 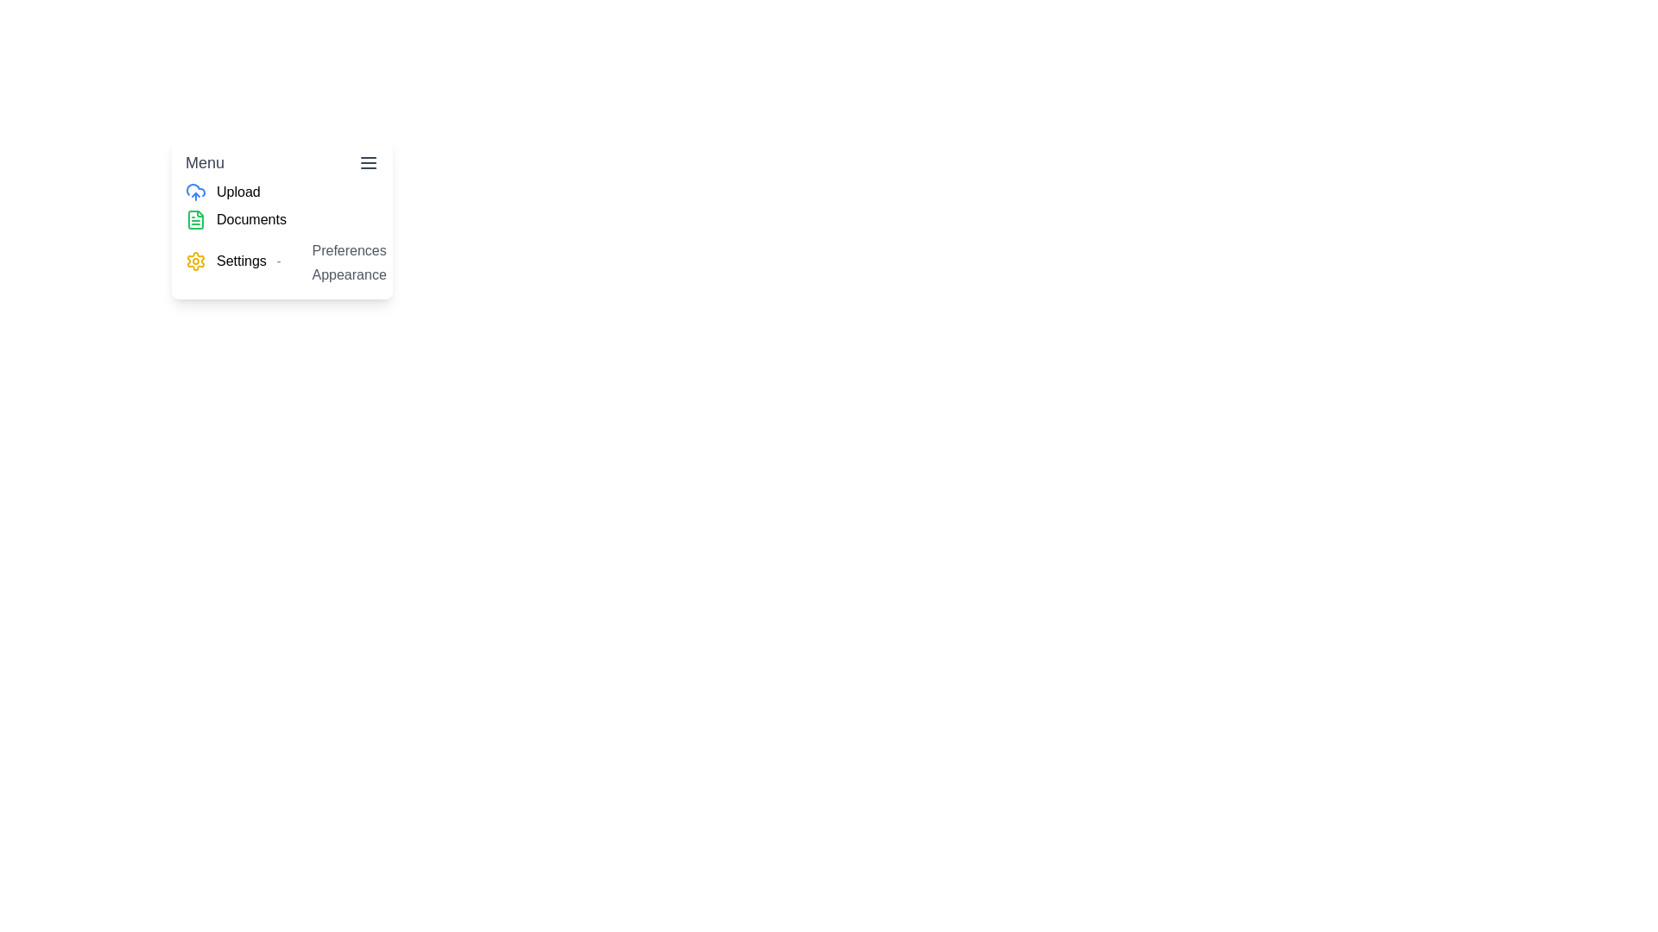 What do you see at coordinates (237, 192) in the screenshot?
I see `the bold 'Upload' text label located in the submenu beneath the 'Menu' label` at bounding box center [237, 192].